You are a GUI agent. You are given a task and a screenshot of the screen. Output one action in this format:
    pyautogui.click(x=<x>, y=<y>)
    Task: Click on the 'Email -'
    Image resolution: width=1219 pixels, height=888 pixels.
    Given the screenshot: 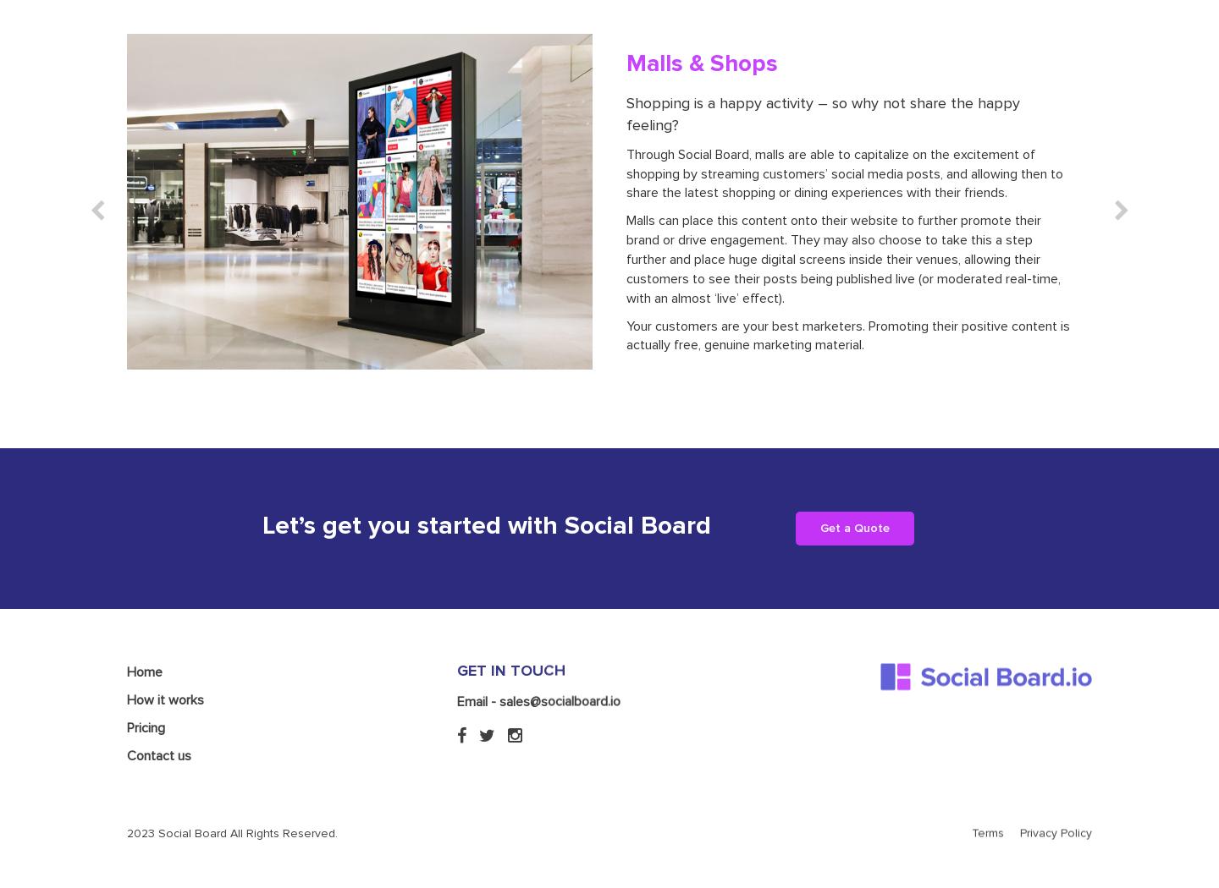 What is the action you would take?
    pyautogui.click(x=478, y=622)
    